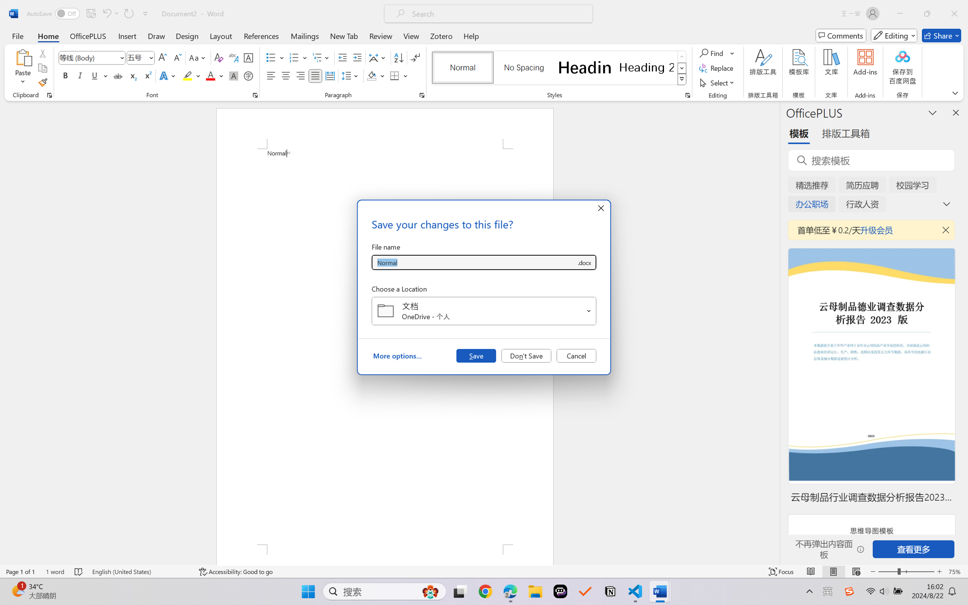 The image size is (968, 605). What do you see at coordinates (136, 58) in the screenshot?
I see `'Font Size'` at bounding box center [136, 58].